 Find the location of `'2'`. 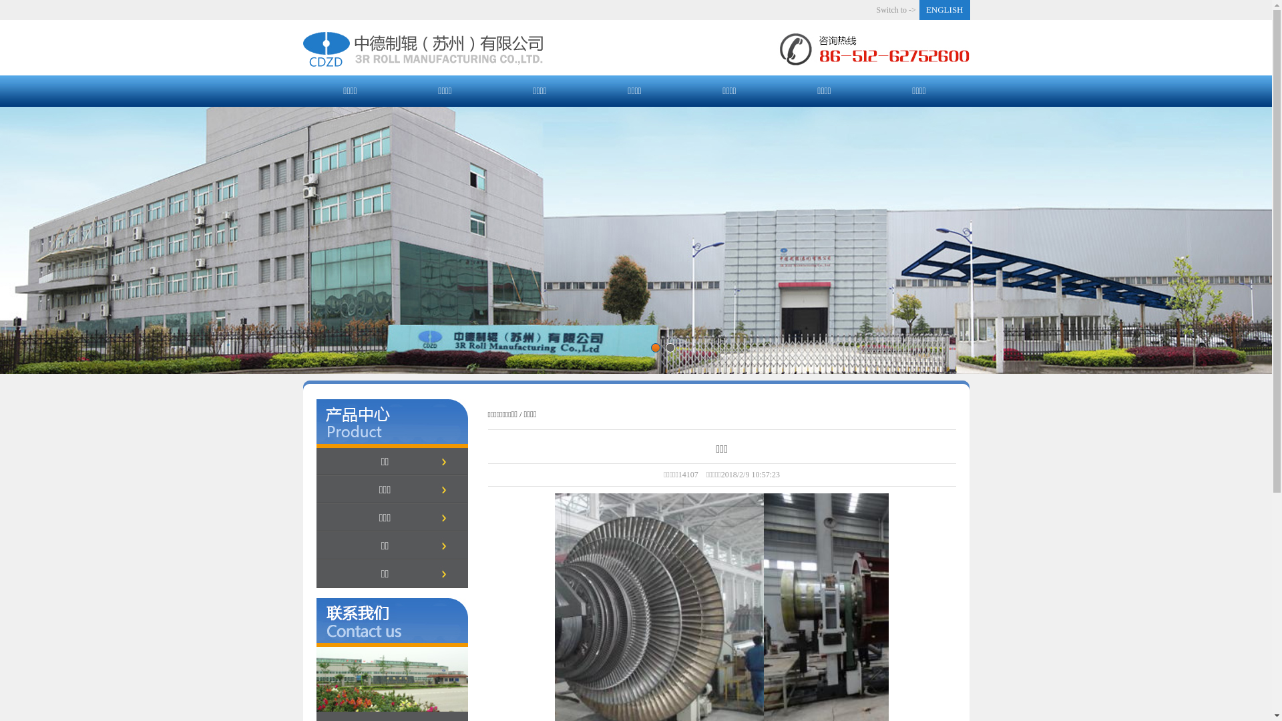

'2' is located at coordinates (665, 346).